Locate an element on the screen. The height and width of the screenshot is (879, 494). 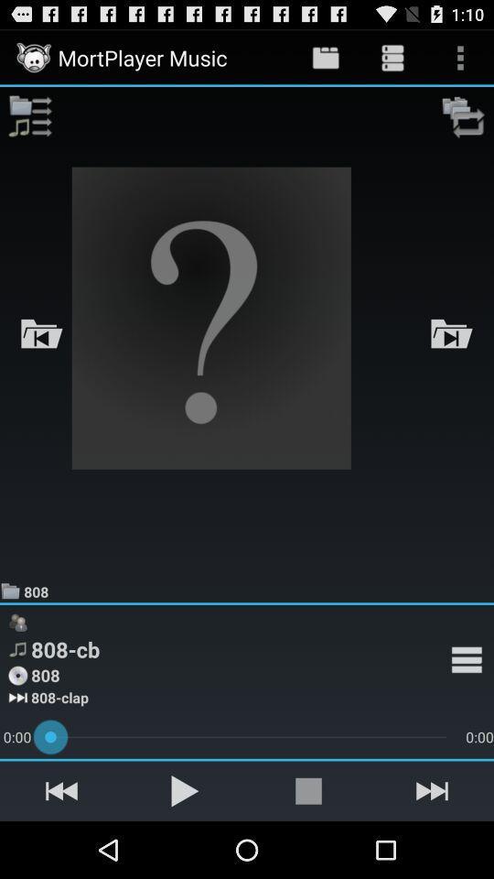
the sliders icon is located at coordinates (28, 124).